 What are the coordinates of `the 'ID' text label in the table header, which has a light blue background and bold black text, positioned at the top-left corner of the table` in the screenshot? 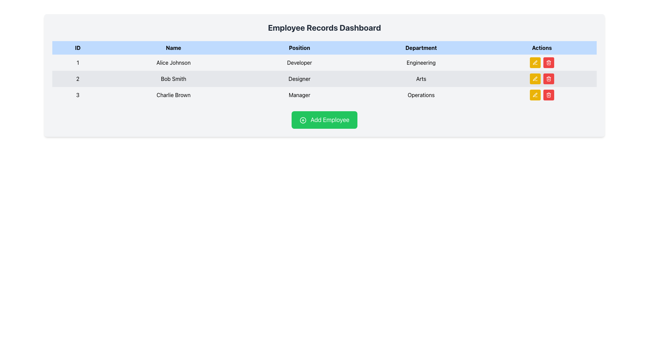 It's located at (78, 48).